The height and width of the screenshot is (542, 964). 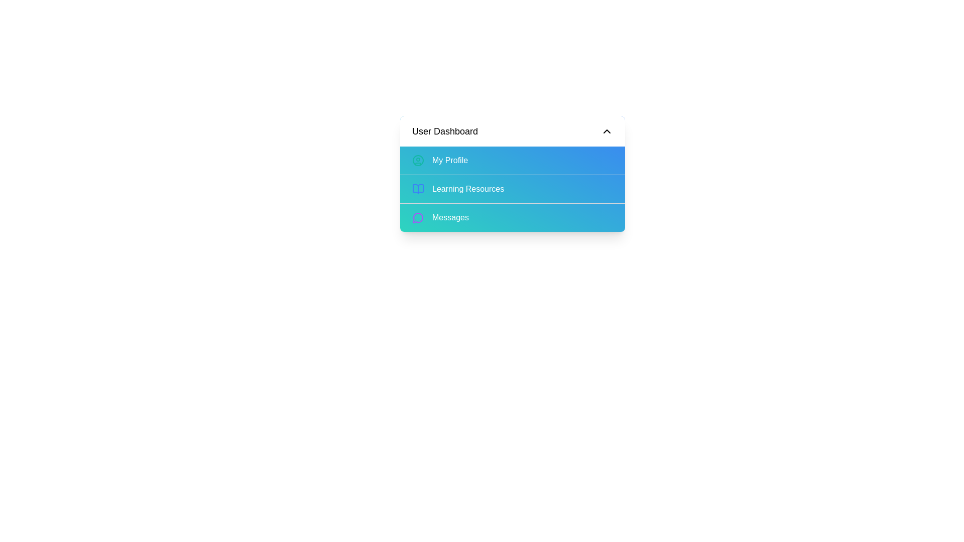 I want to click on the 'My Profile' option in the dropdown menu, so click(x=513, y=160).